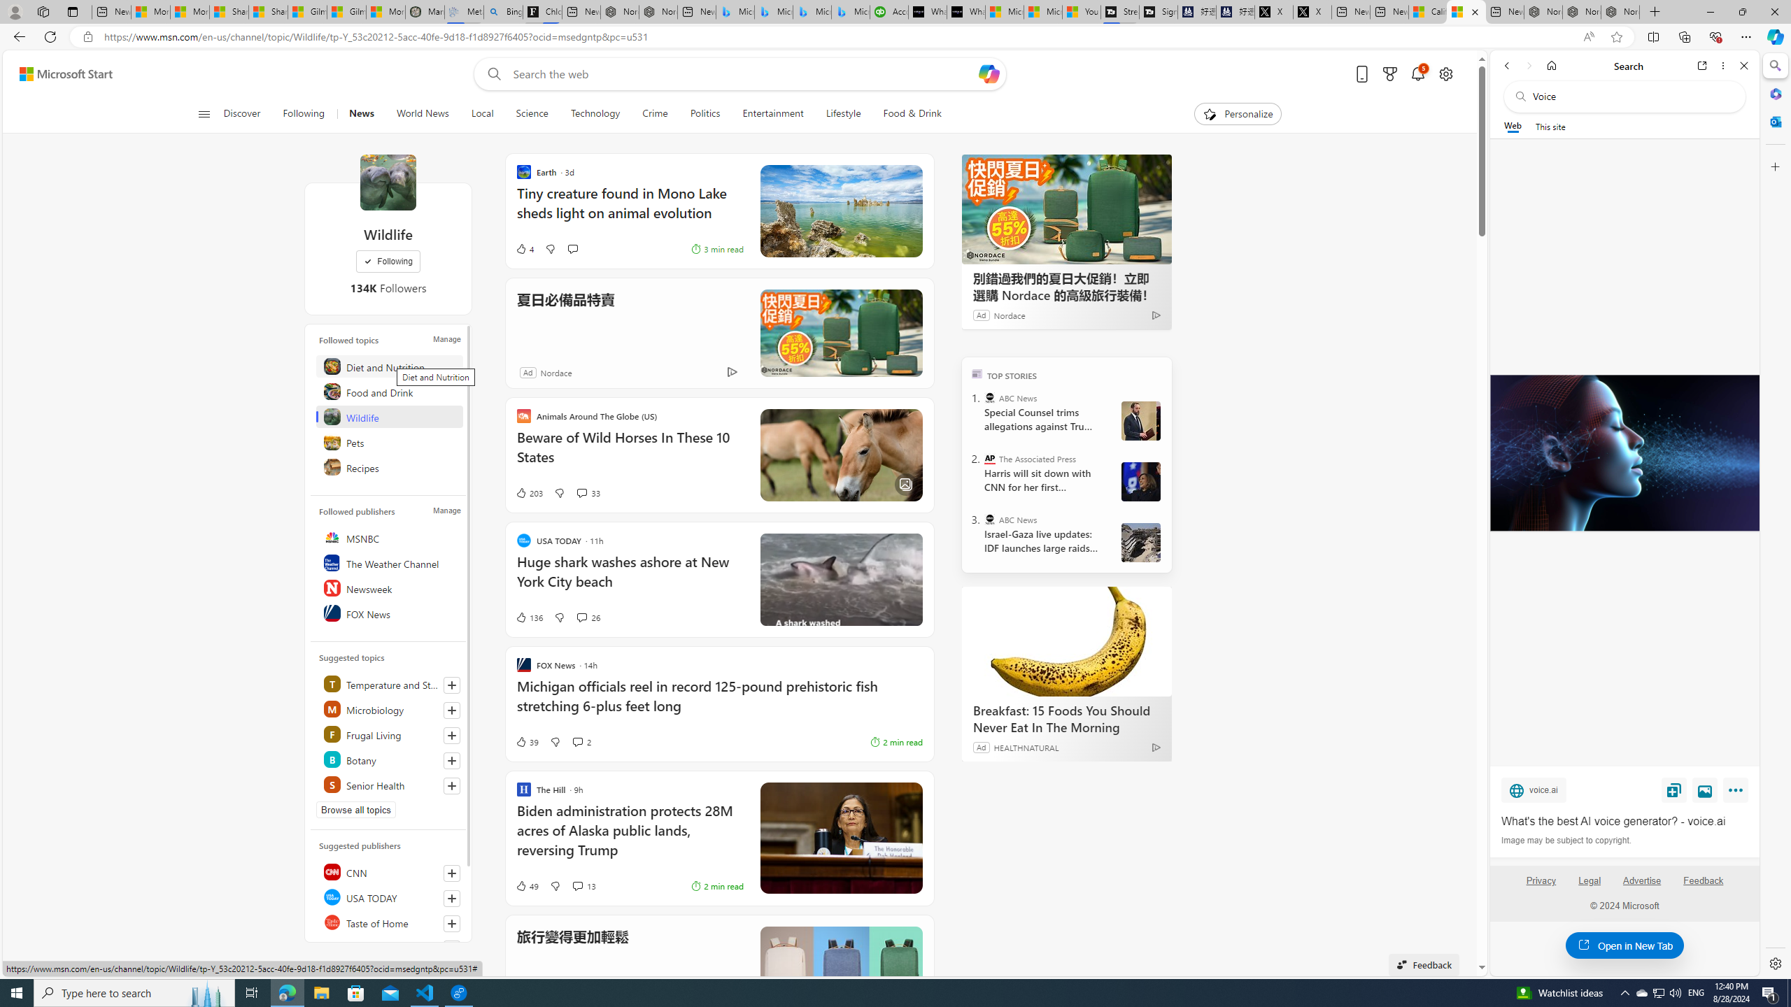 The image size is (1791, 1007). I want to click on 'Entertainment', so click(772, 113).